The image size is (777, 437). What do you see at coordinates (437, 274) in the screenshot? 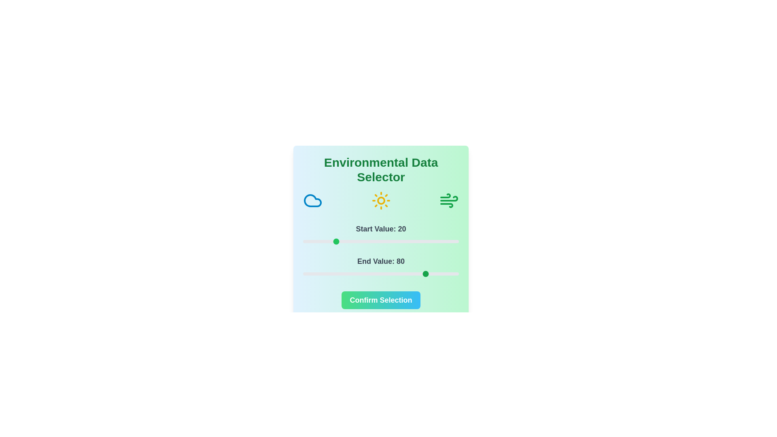
I see `the End Value slider` at bounding box center [437, 274].